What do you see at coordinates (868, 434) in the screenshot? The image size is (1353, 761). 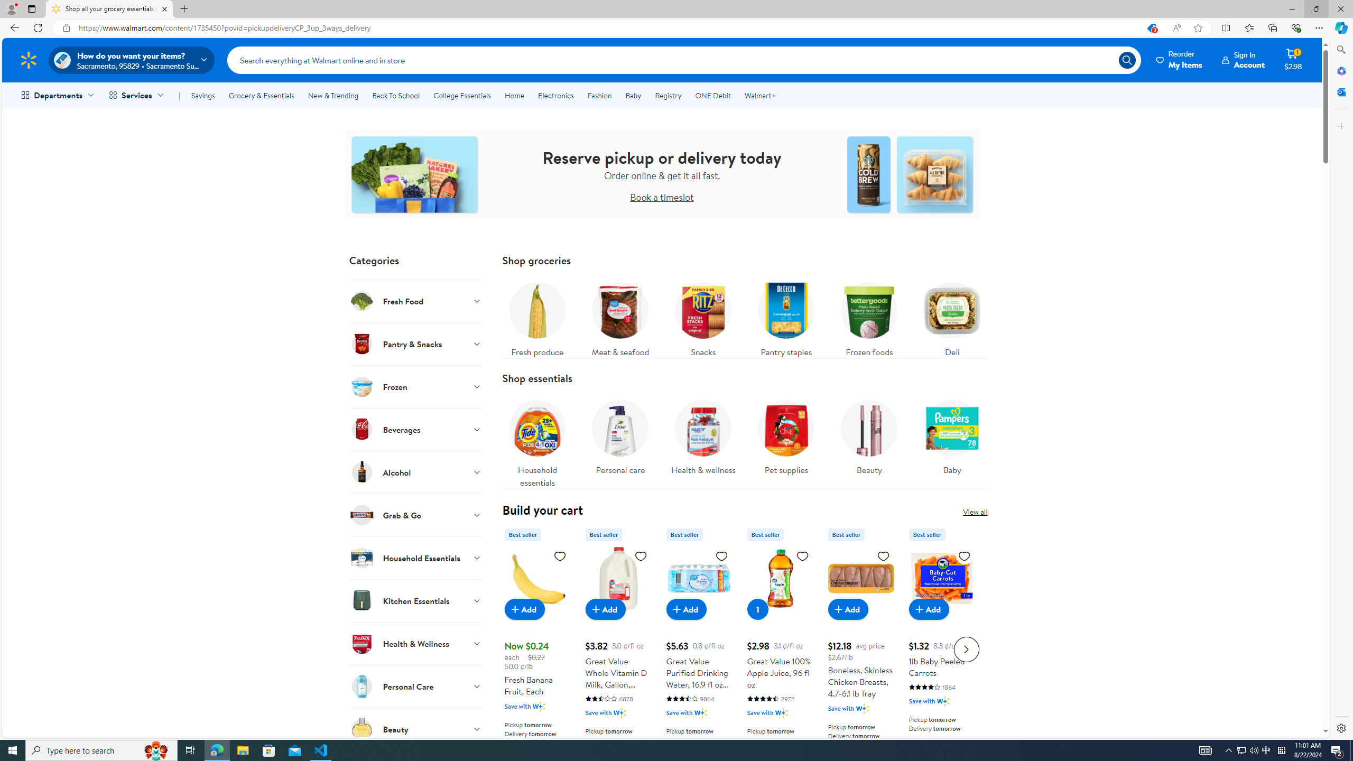 I see `'Beauty'` at bounding box center [868, 434].